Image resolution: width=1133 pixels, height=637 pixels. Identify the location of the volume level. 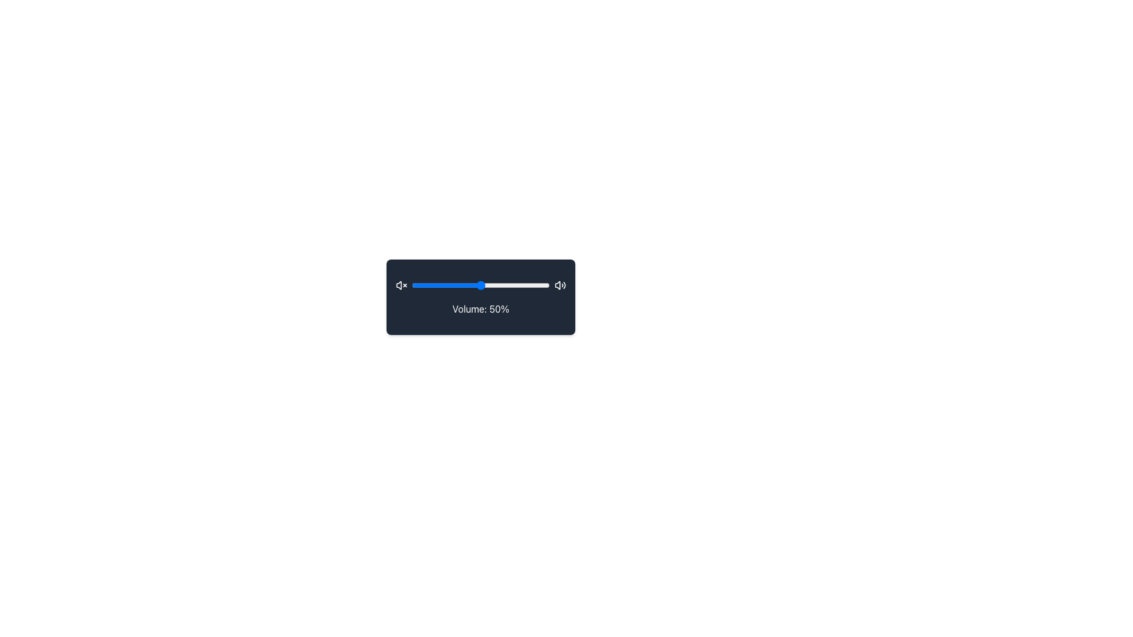
(455, 285).